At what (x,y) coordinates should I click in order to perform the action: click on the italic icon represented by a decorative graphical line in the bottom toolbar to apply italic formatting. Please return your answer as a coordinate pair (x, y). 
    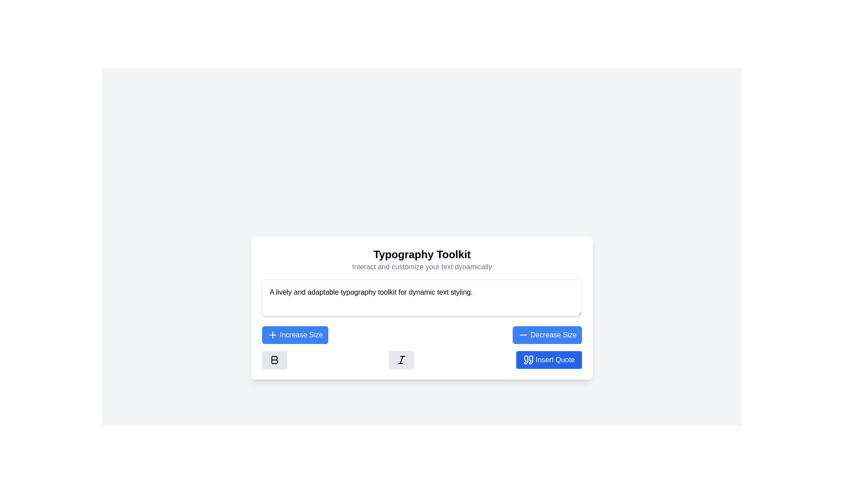
    Looking at the image, I should click on (401, 359).